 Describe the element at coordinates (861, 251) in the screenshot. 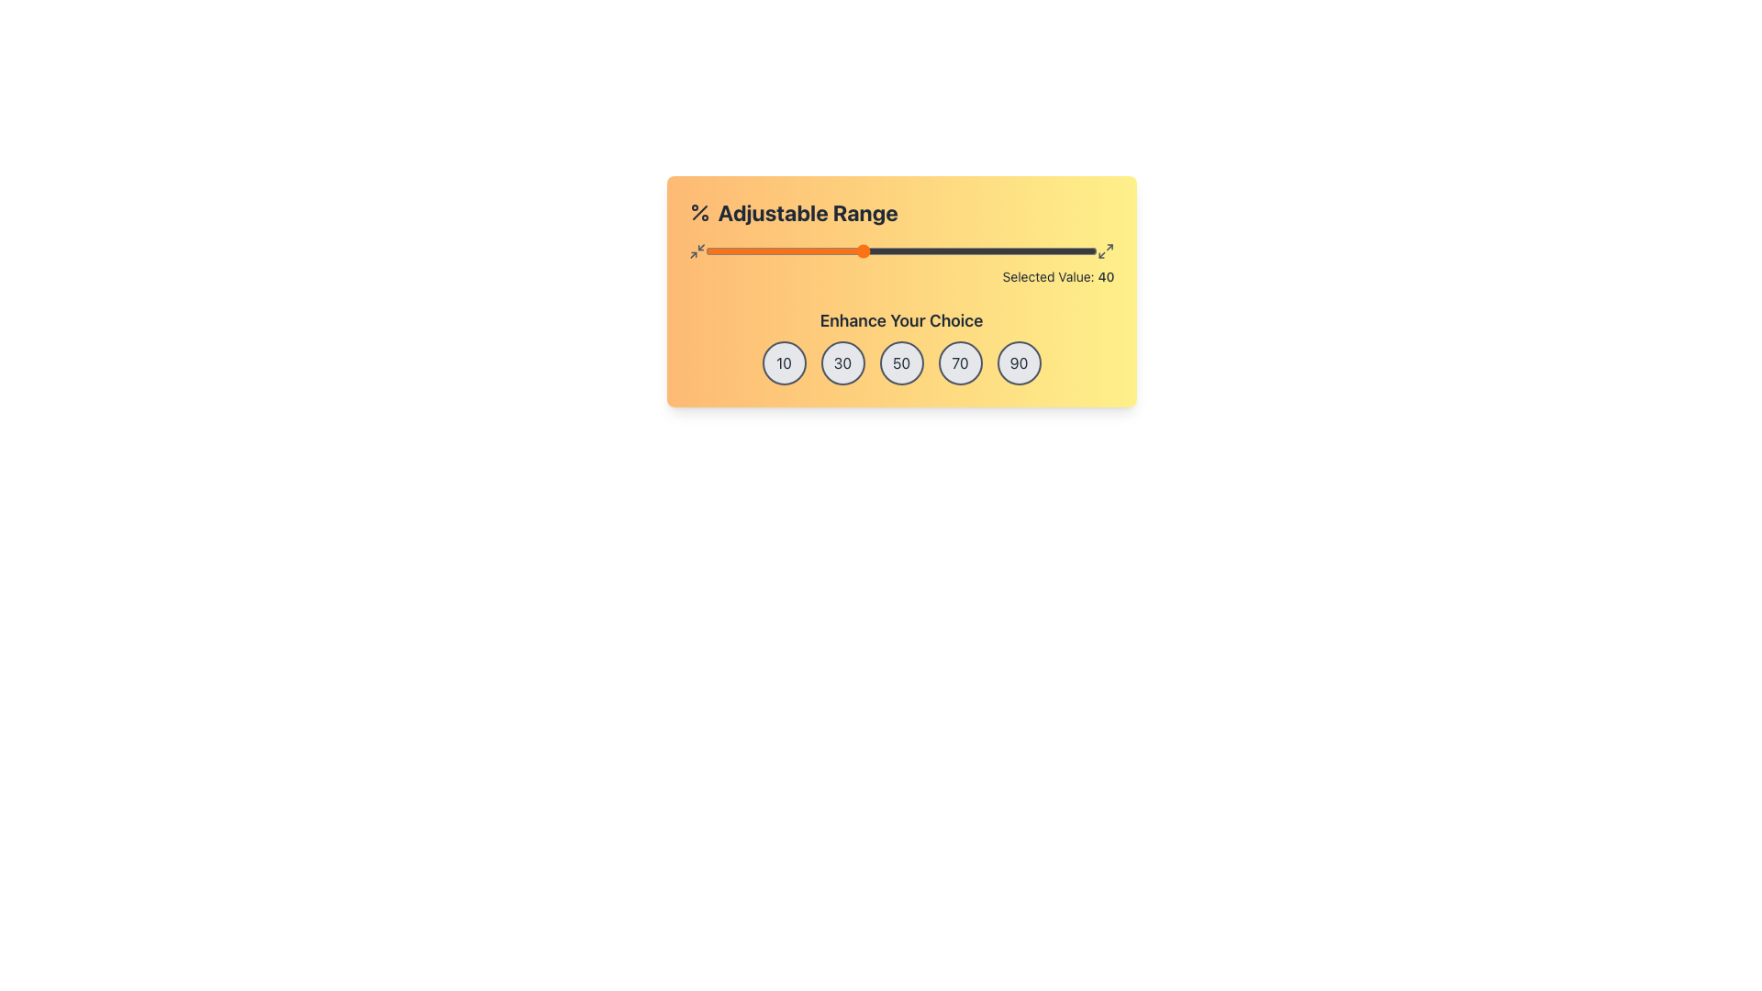

I see `the percentage` at that location.